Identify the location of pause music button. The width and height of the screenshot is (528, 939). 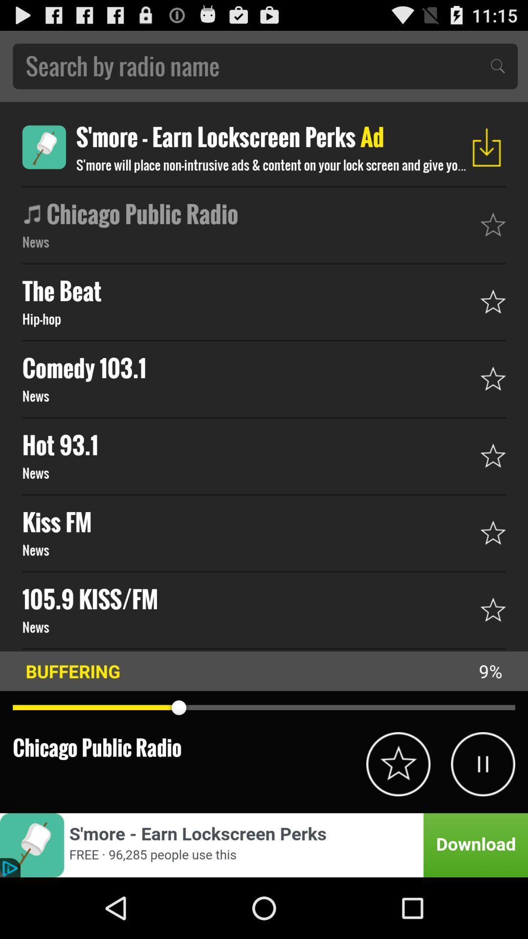
(483, 763).